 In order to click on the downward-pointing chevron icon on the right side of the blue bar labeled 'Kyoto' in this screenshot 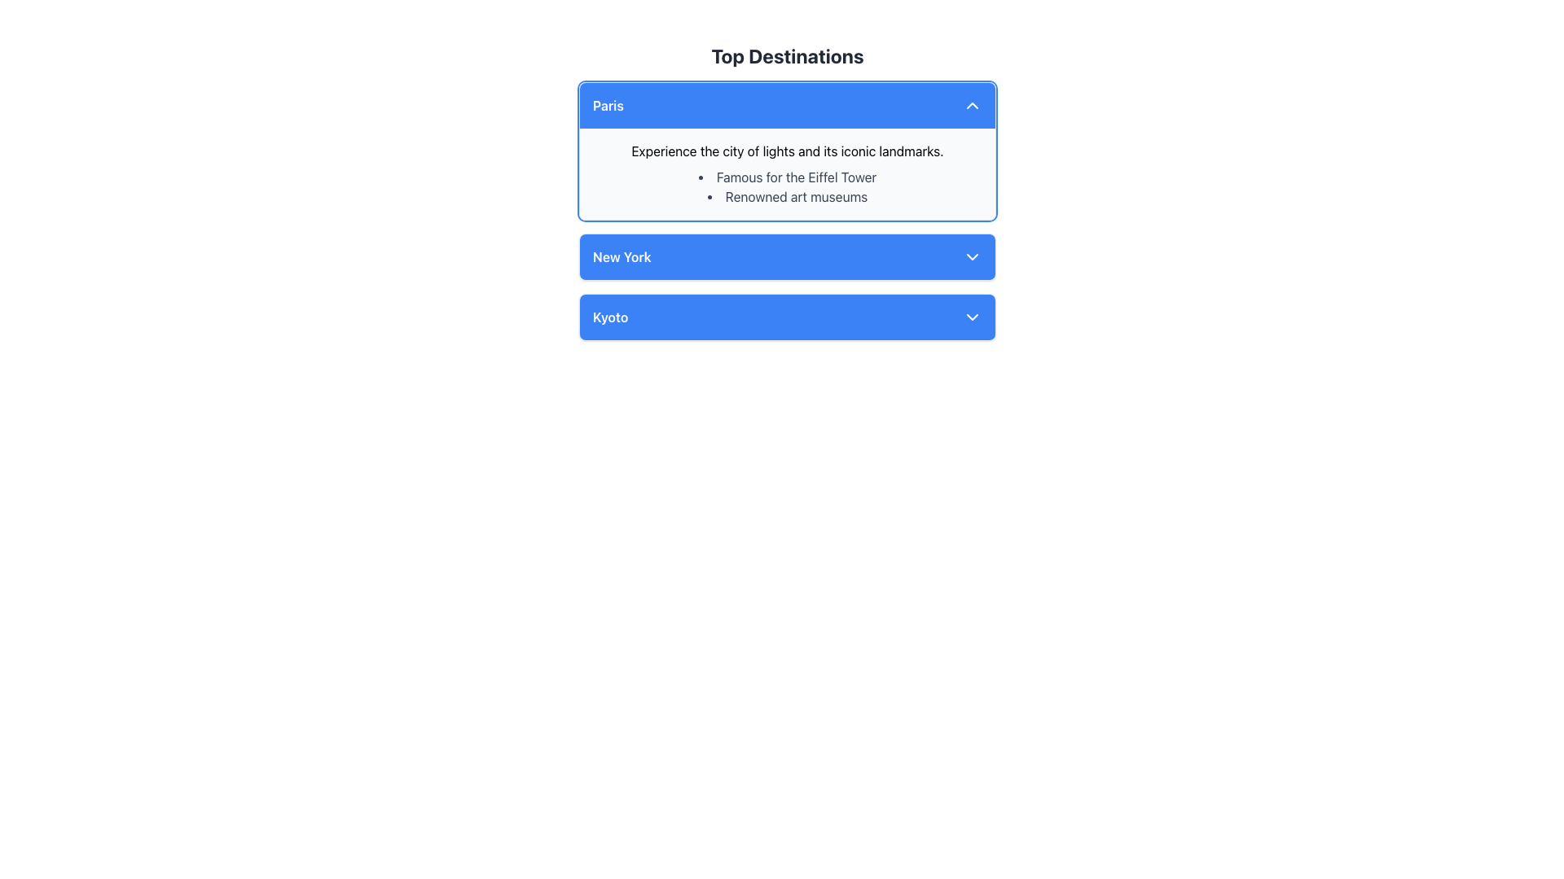, I will do `click(973, 317)`.